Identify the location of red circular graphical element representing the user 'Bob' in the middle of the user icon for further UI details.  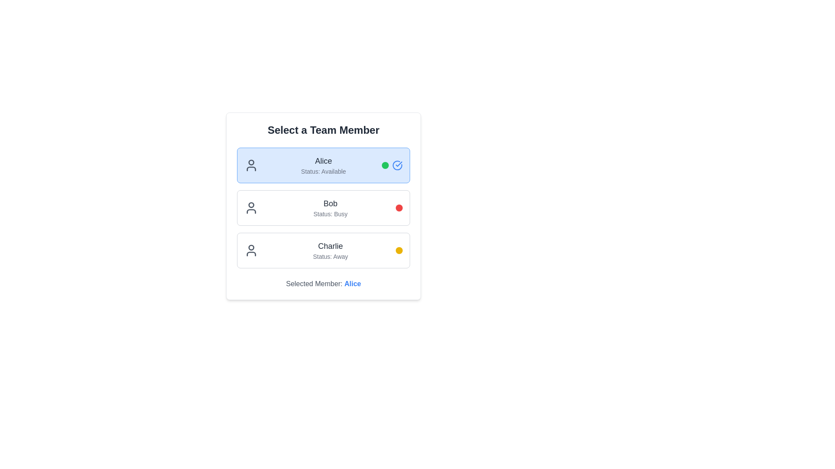
(250, 205).